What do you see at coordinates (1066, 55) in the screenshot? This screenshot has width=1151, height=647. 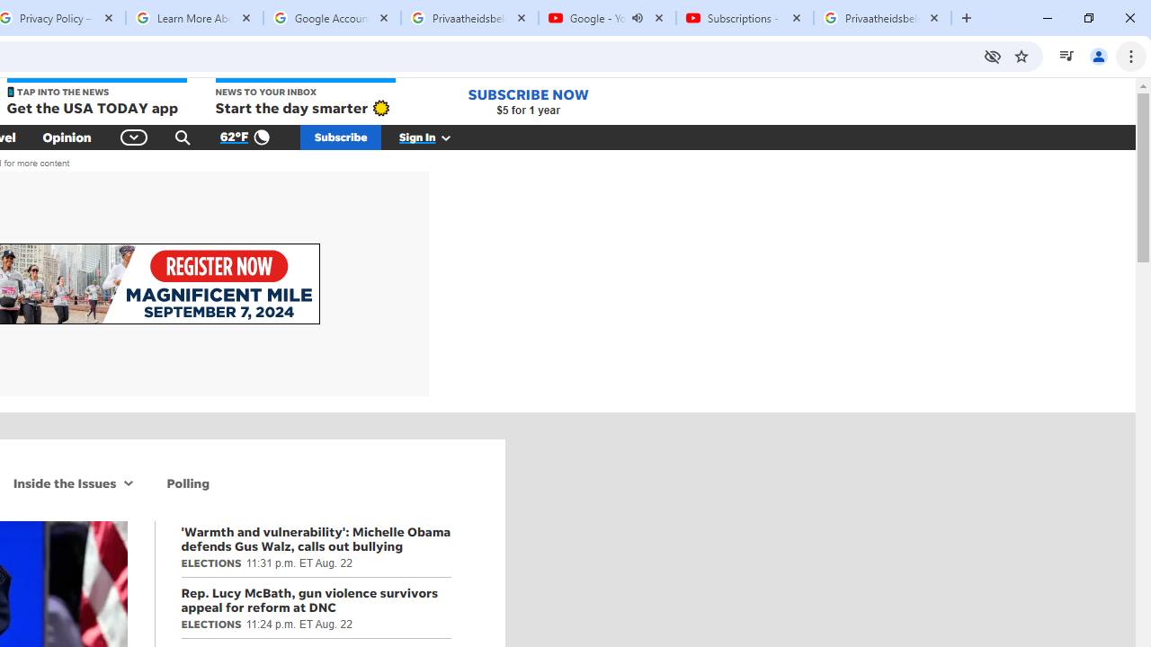 I see `'Control your music, videos, and more'` at bounding box center [1066, 55].